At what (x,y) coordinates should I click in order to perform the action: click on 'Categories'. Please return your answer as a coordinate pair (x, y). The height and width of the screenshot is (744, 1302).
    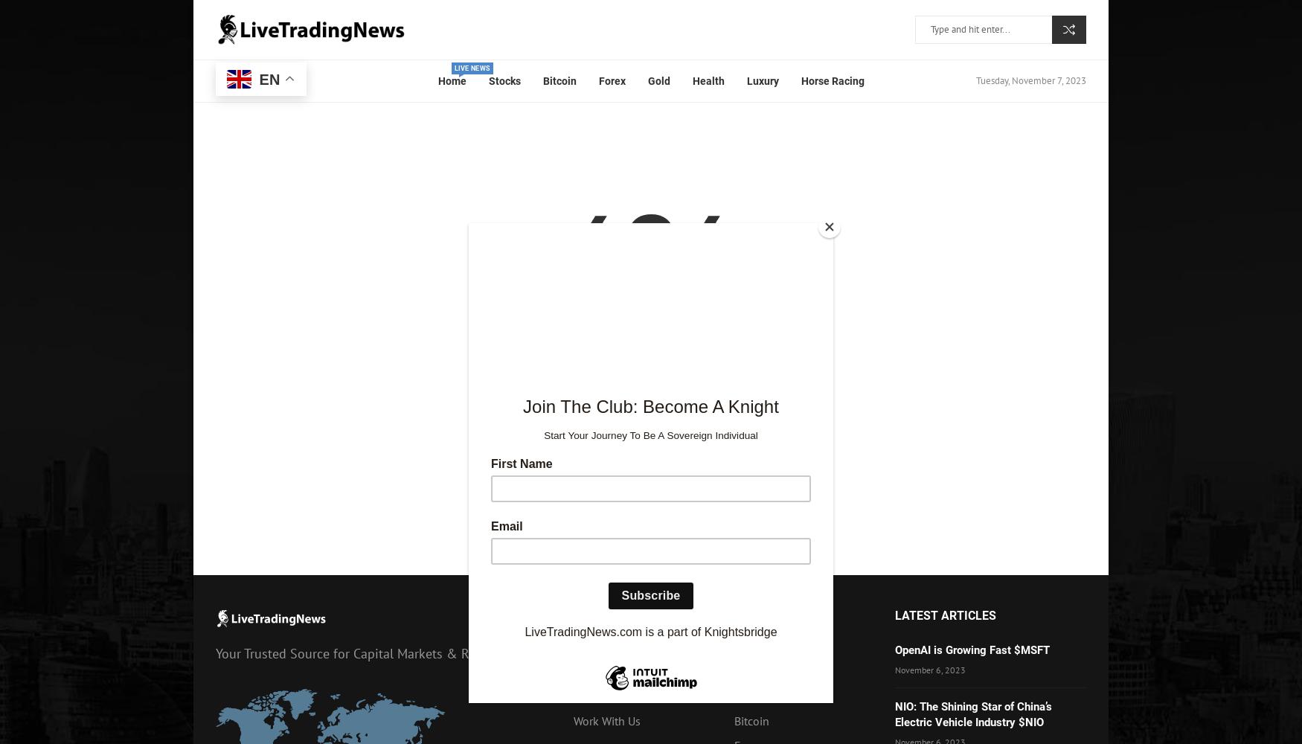
    Looking at the image, I should click on (768, 615).